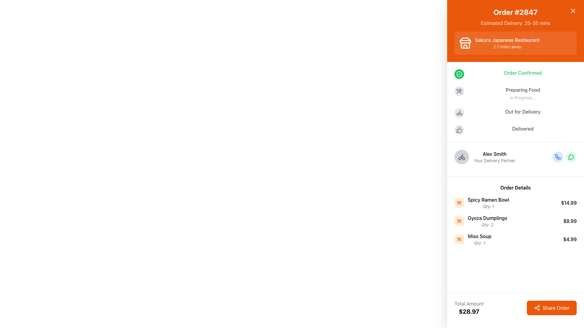 The width and height of the screenshot is (584, 328). Describe the element at coordinates (515, 12) in the screenshot. I see `the static text label that displays the order number, located in the top section of the right-side panel, just below the close button and above the 'Estimated Delivery' text` at that location.